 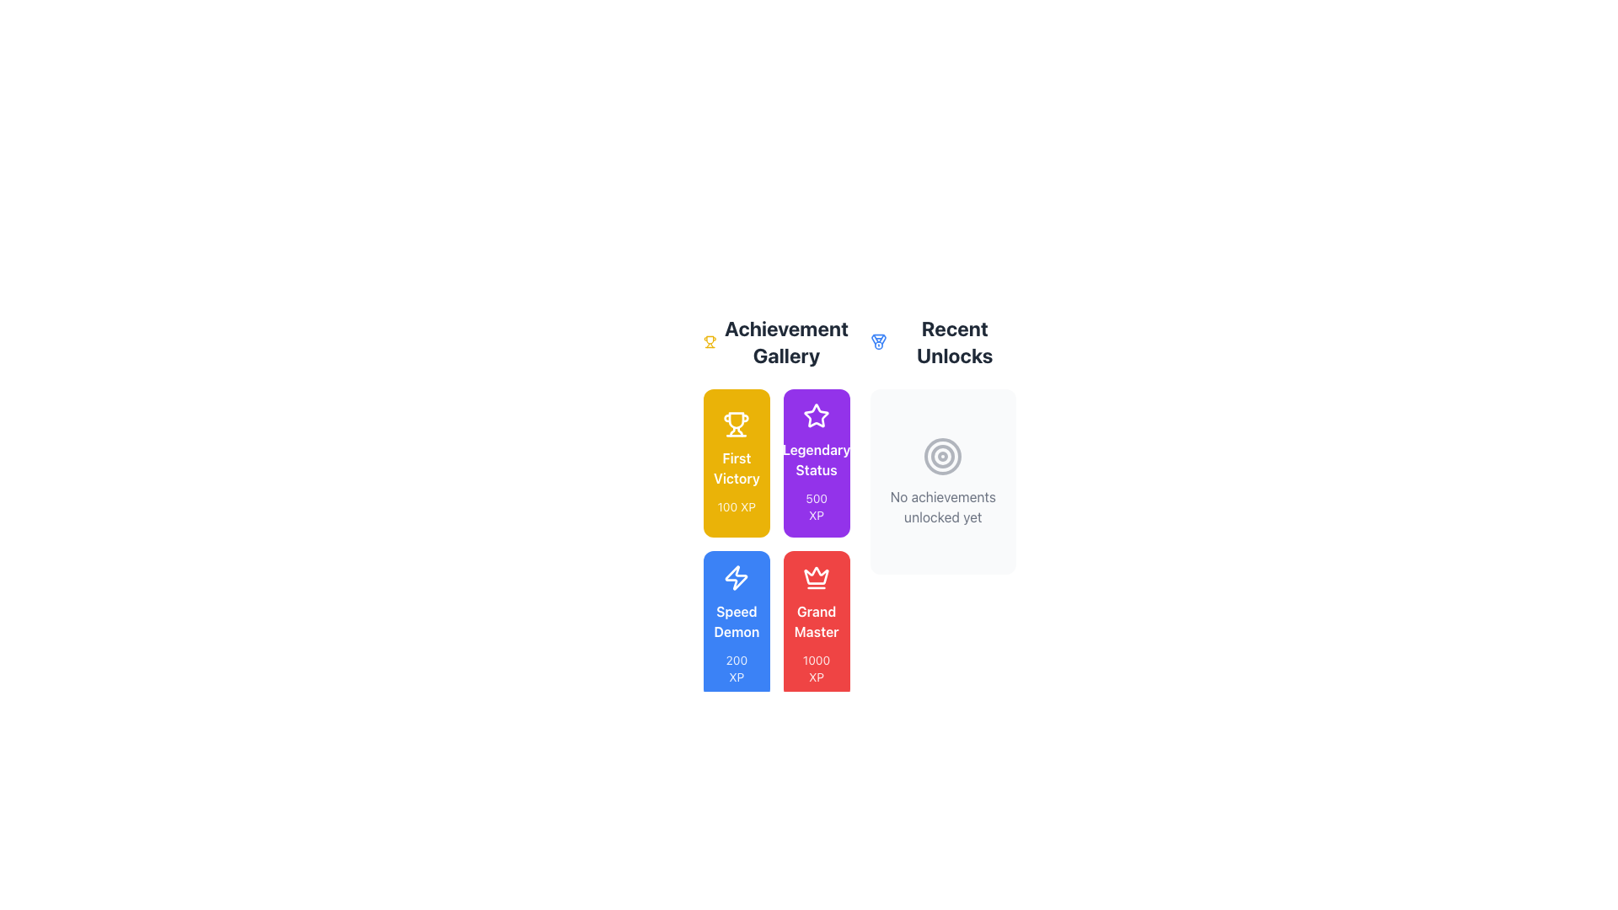 I want to click on the text display showing '500 XP' located in the 'Legendary Status' card within the 'Achievement Gallery' grid, so click(x=817, y=506).